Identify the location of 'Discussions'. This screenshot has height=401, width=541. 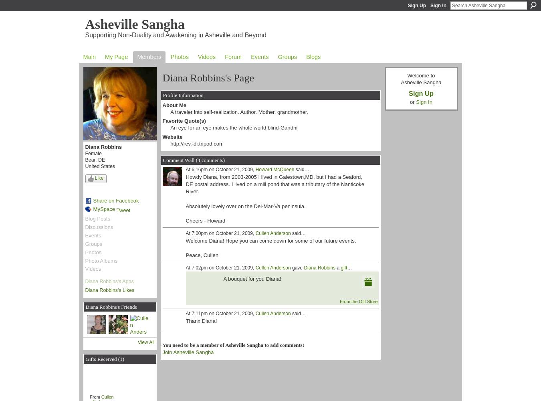
(99, 226).